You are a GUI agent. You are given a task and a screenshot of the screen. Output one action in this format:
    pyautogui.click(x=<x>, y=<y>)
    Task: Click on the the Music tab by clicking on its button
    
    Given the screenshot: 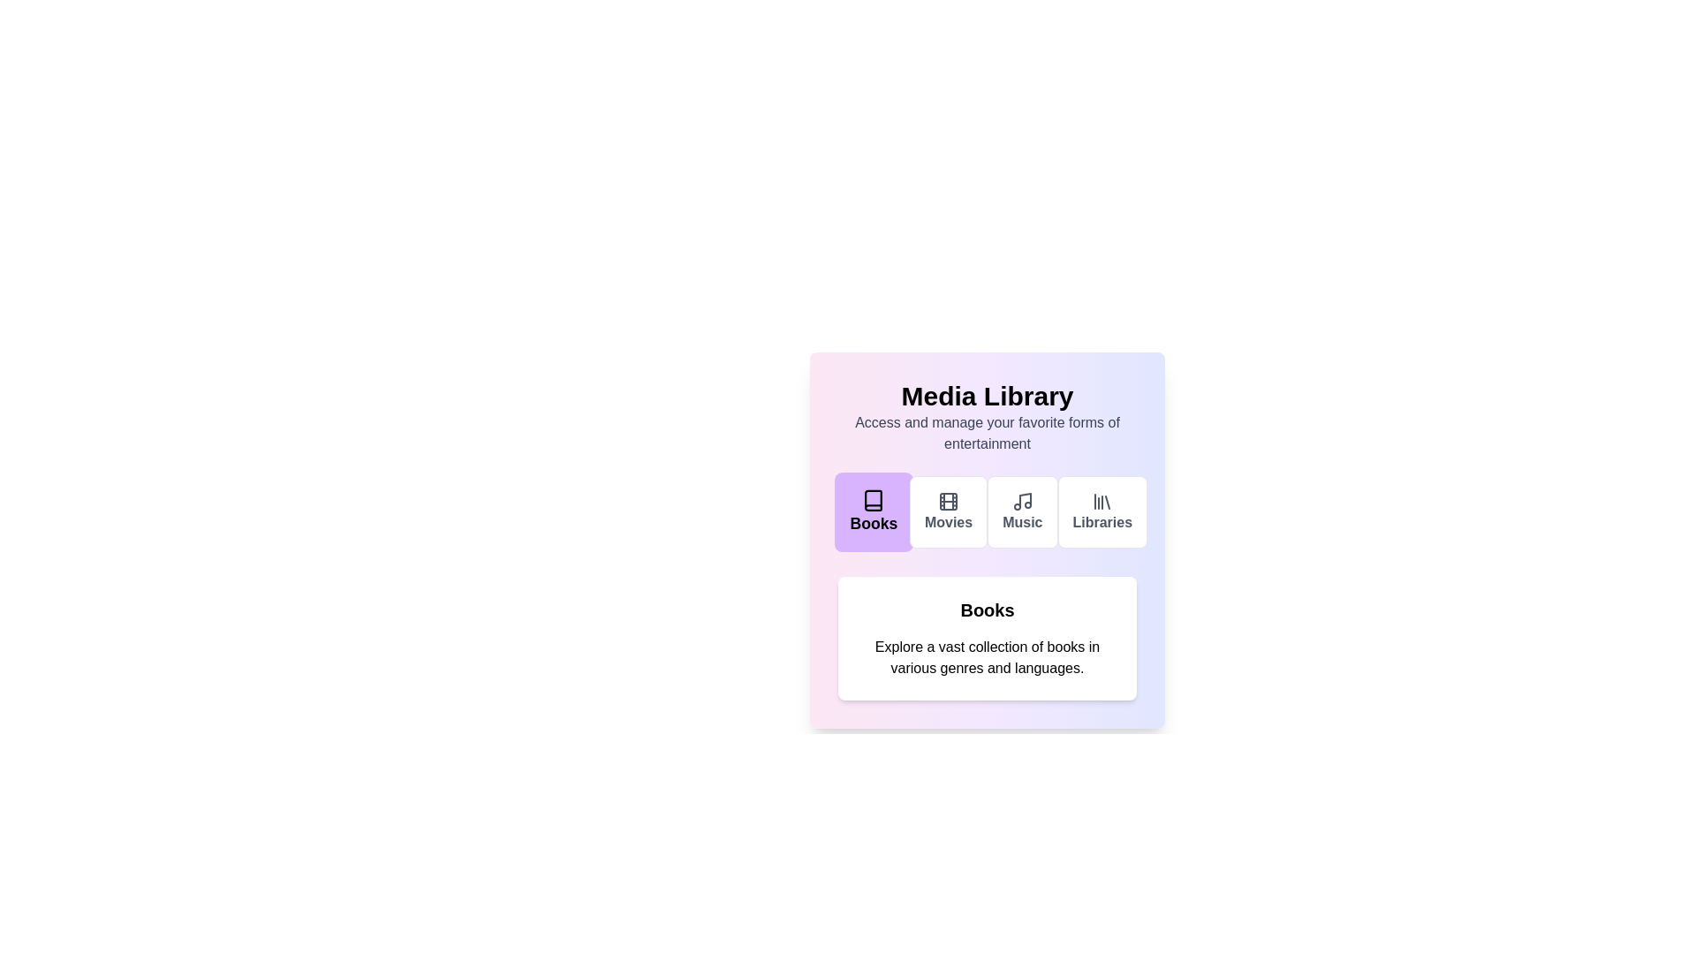 What is the action you would take?
    pyautogui.click(x=1022, y=511)
    